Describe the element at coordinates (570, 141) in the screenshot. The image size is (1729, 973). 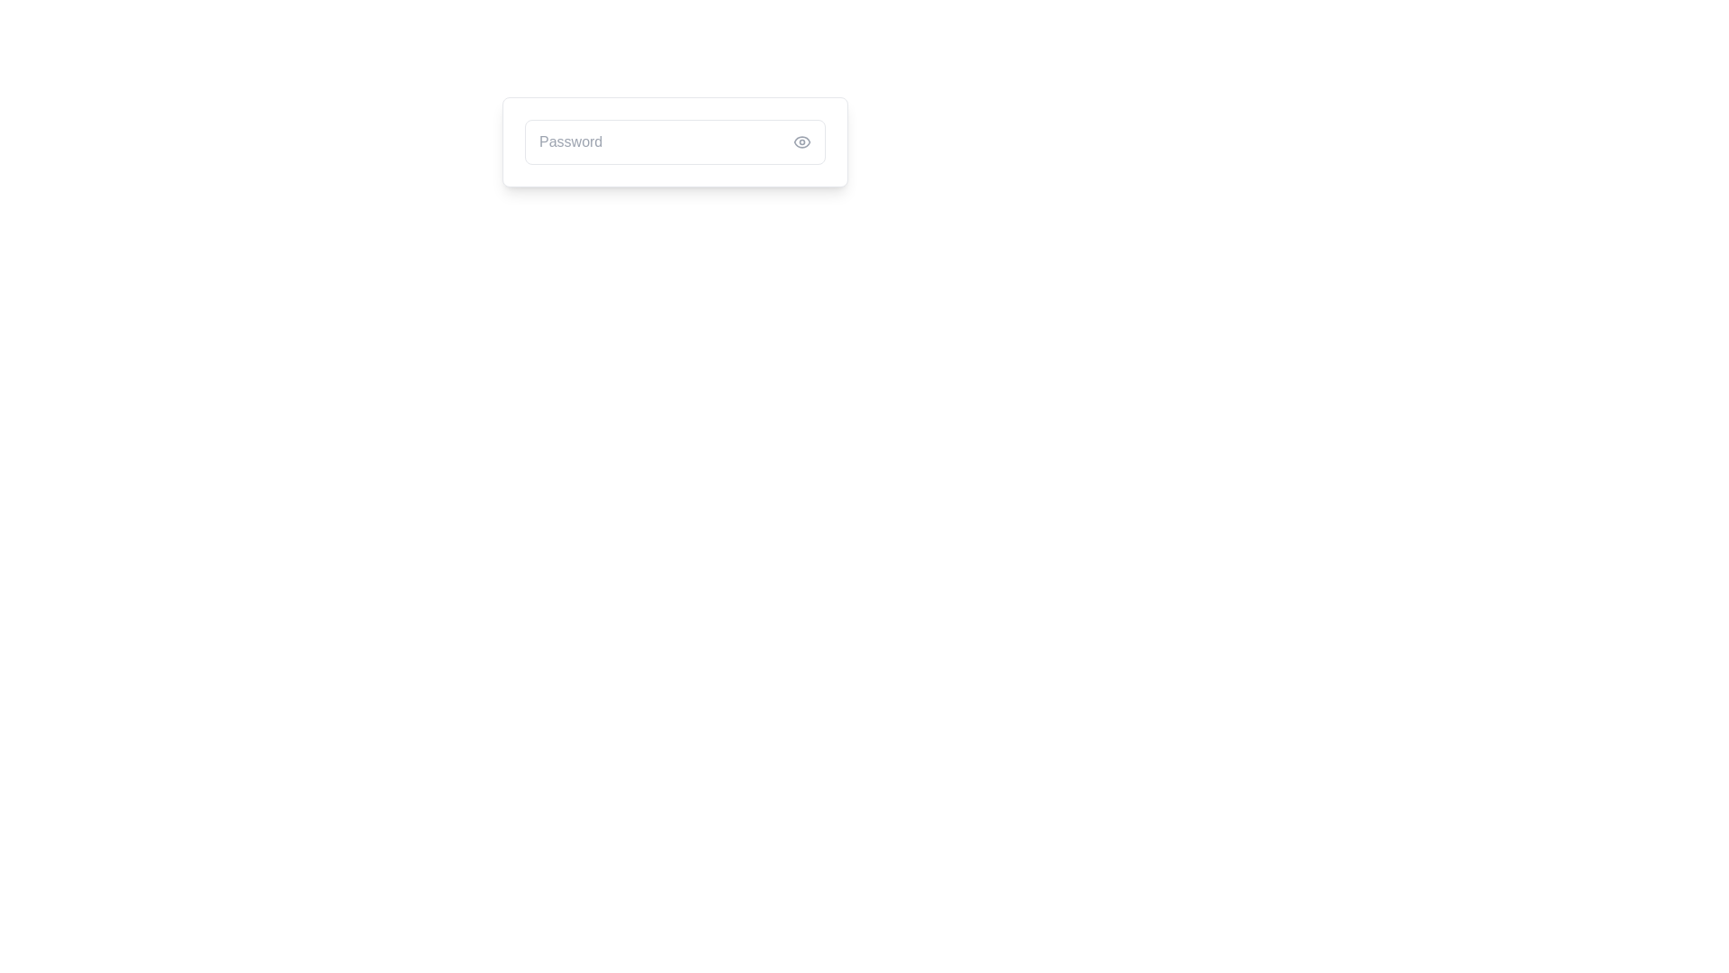
I see `the input field adjacent to the 'Password' text label` at that location.